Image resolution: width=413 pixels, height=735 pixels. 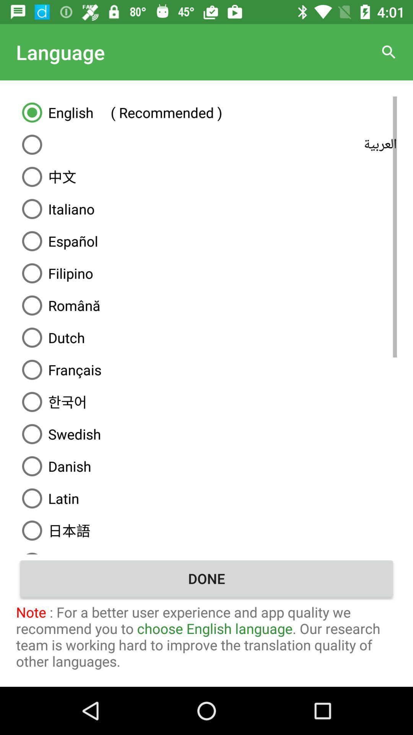 What do you see at coordinates (206, 273) in the screenshot?
I see `the filipino` at bounding box center [206, 273].